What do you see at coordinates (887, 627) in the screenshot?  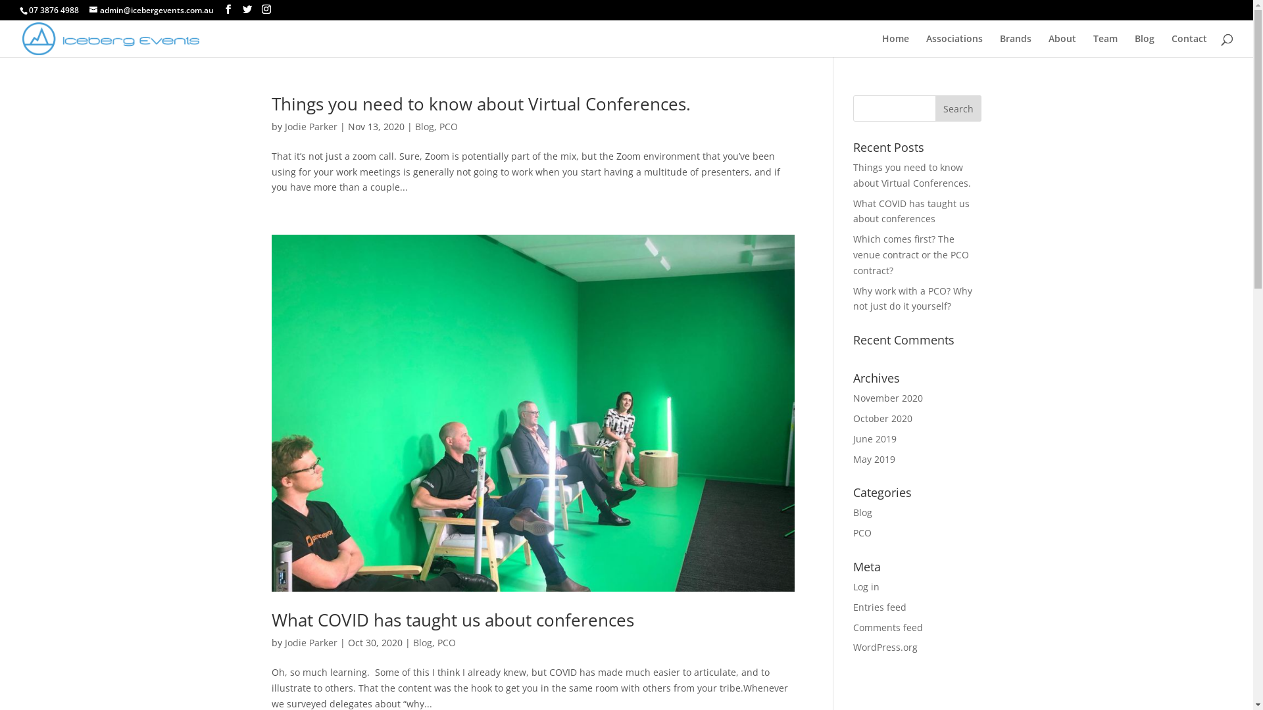 I see `'Comments feed'` at bounding box center [887, 627].